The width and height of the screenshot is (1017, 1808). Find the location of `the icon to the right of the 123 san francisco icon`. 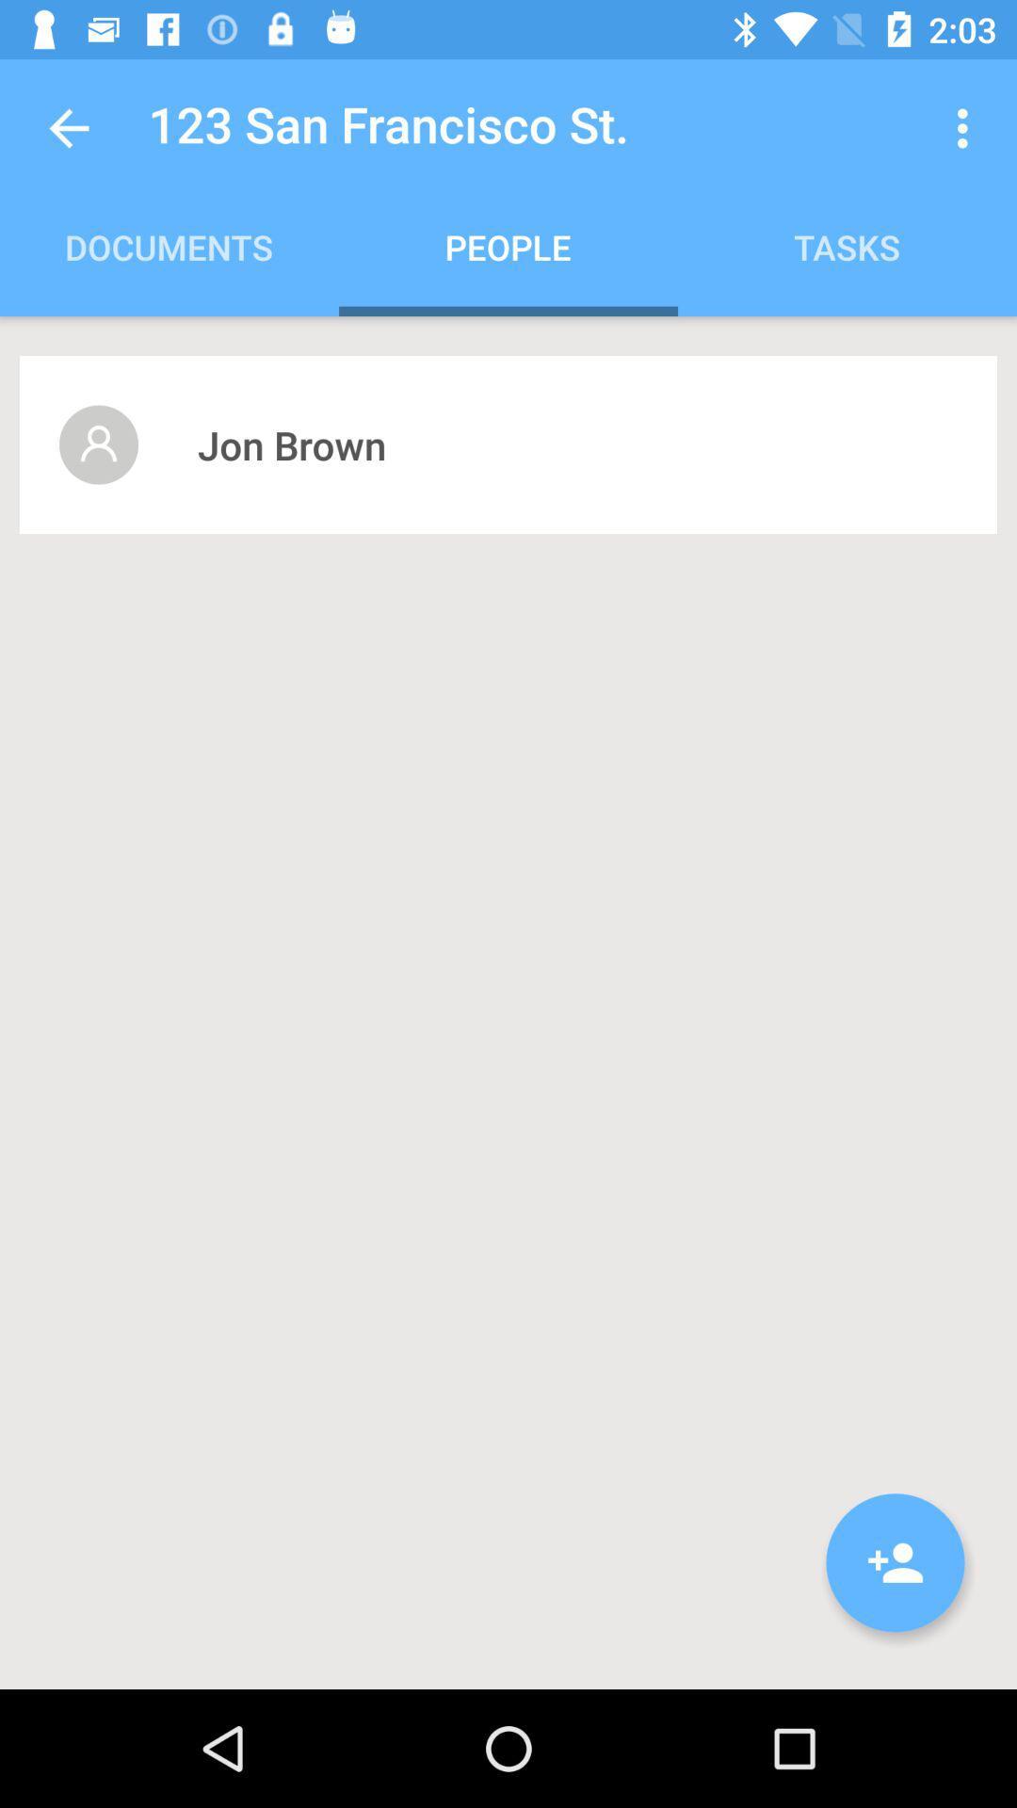

the icon to the right of the 123 san francisco icon is located at coordinates (967, 127).